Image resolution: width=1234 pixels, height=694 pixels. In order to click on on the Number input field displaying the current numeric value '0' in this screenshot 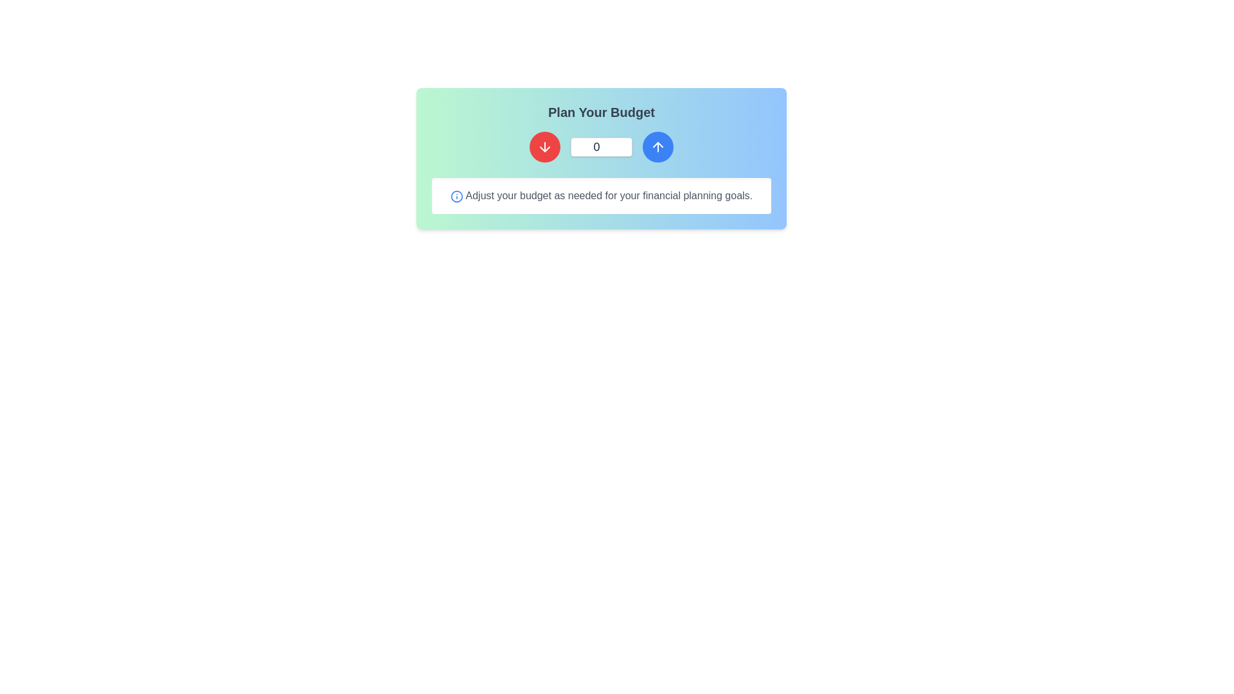, I will do `click(601, 146)`.